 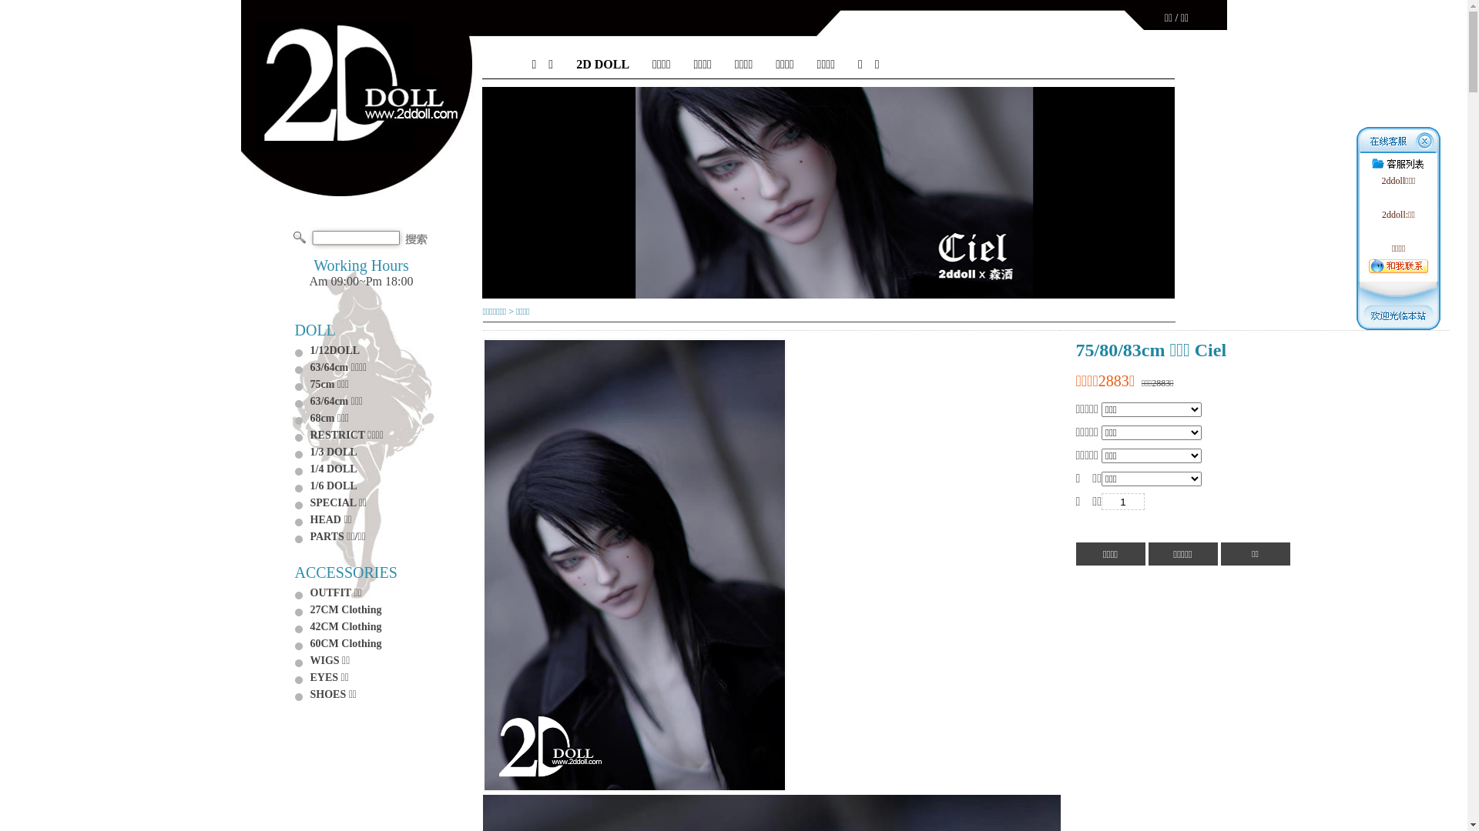 What do you see at coordinates (334, 350) in the screenshot?
I see `'1/12DOLL'` at bounding box center [334, 350].